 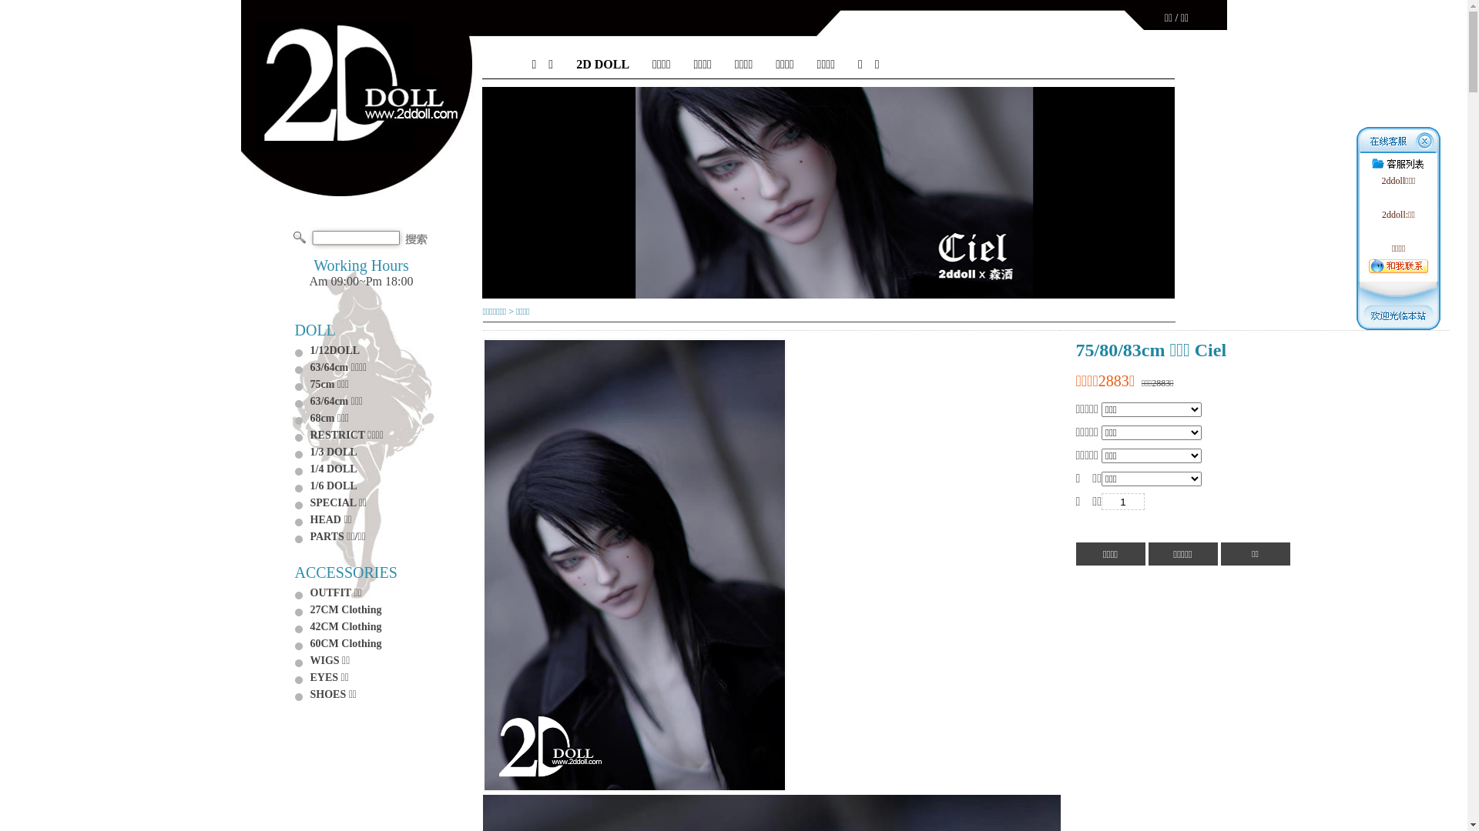 What do you see at coordinates (334, 350) in the screenshot?
I see `'1/12DOLL'` at bounding box center [334, 350].